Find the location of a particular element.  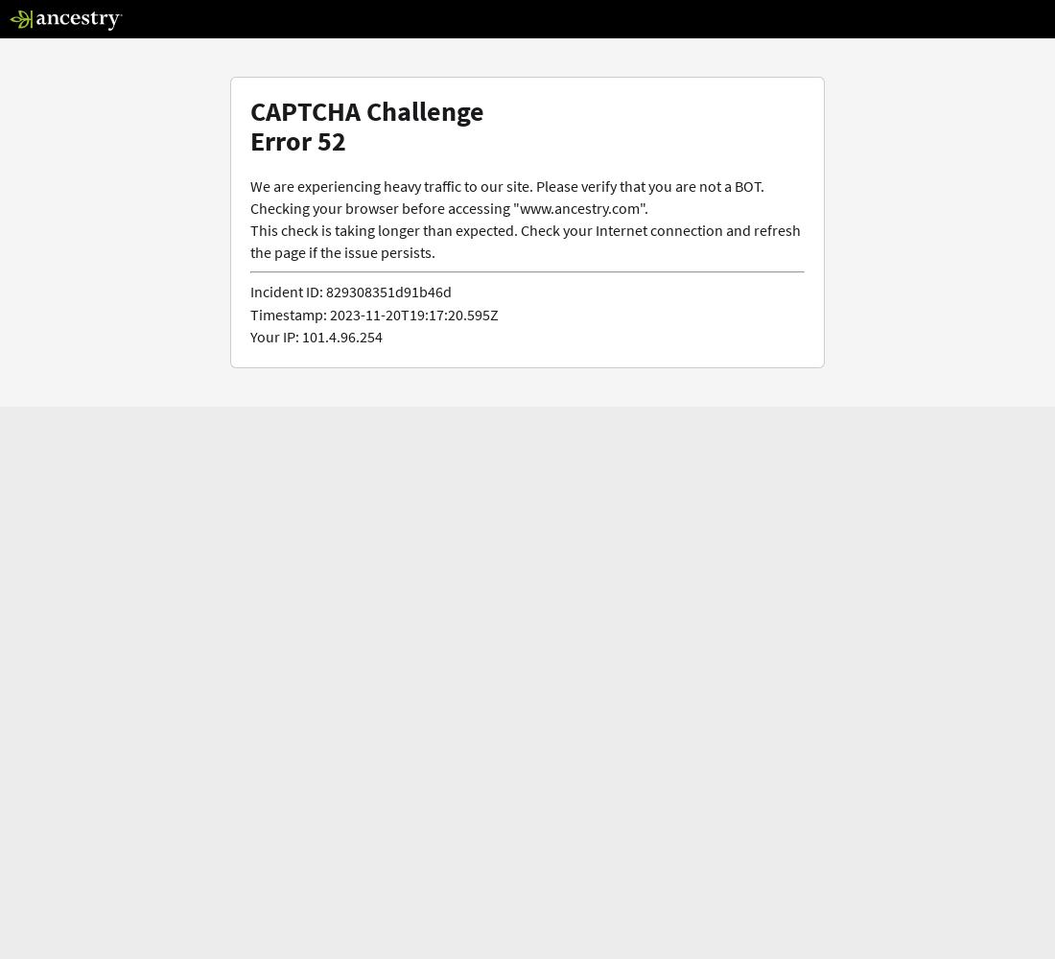

'Incident ID:' is located at coordinates (285, 292).